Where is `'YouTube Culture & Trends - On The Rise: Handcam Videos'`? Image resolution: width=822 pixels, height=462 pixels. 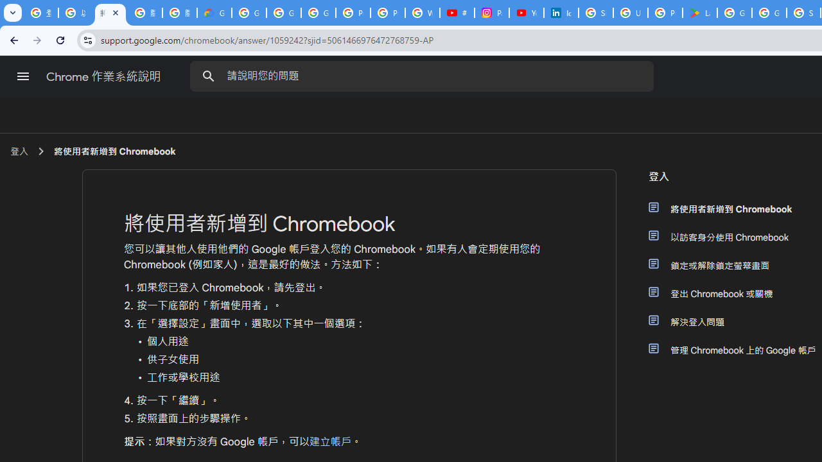 'YouTube Culture & Trends - On The Rise: Handcam Videos' is located at coordinates (526, 13).